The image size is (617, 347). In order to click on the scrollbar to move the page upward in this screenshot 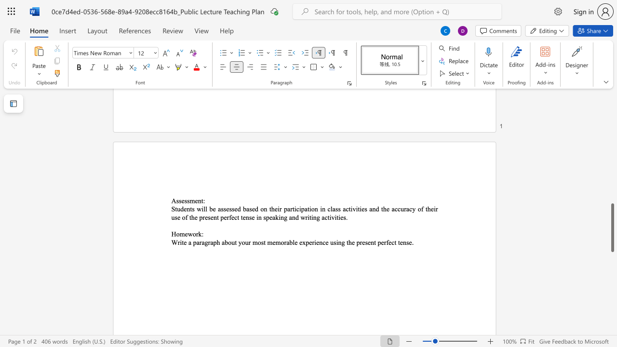, I will do `click(612, 110)`.